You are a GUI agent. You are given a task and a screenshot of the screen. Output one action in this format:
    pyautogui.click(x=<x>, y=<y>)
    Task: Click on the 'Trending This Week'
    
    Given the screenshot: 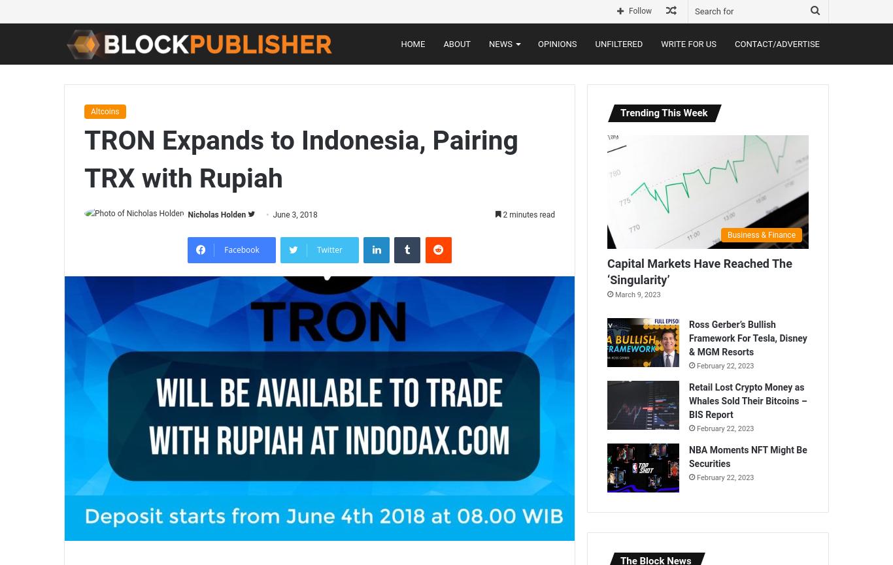 What is the action you would take?
    pyautogui.click(x=664, y=112)
    